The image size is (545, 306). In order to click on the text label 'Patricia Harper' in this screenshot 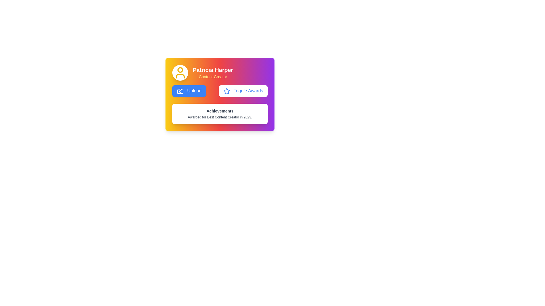, I will do `click(213, 69)`.